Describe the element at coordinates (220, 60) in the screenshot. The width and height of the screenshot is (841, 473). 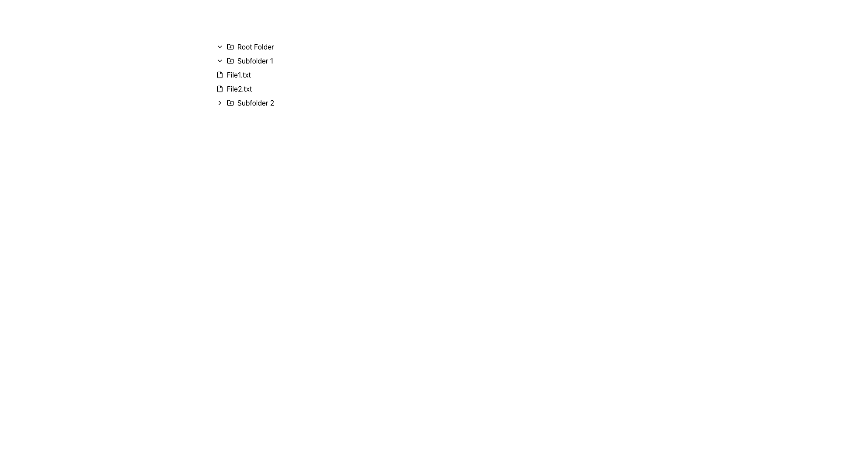
I see `the downward-pointing chevron icon button located to the left of the 'Subfolder 1' text` at that location.